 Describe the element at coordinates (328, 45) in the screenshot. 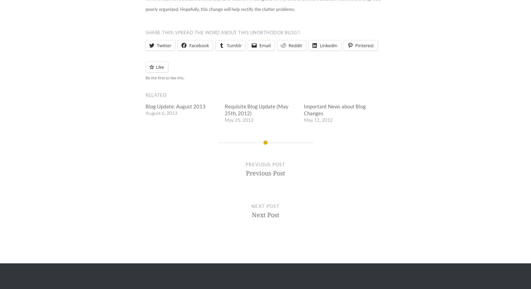

I see `'LinkedIn'` at that location.